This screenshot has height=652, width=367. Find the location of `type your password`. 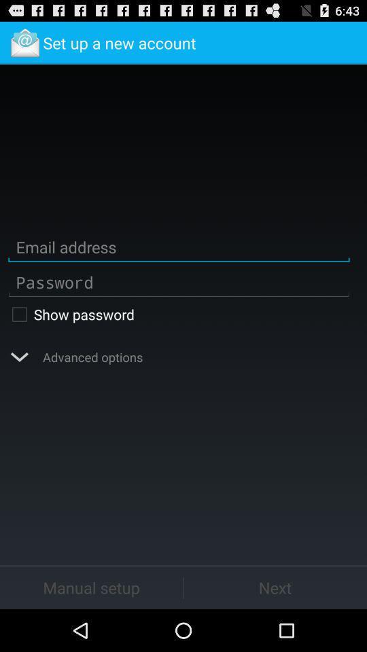

type your password is located at coordinates (179, 281).